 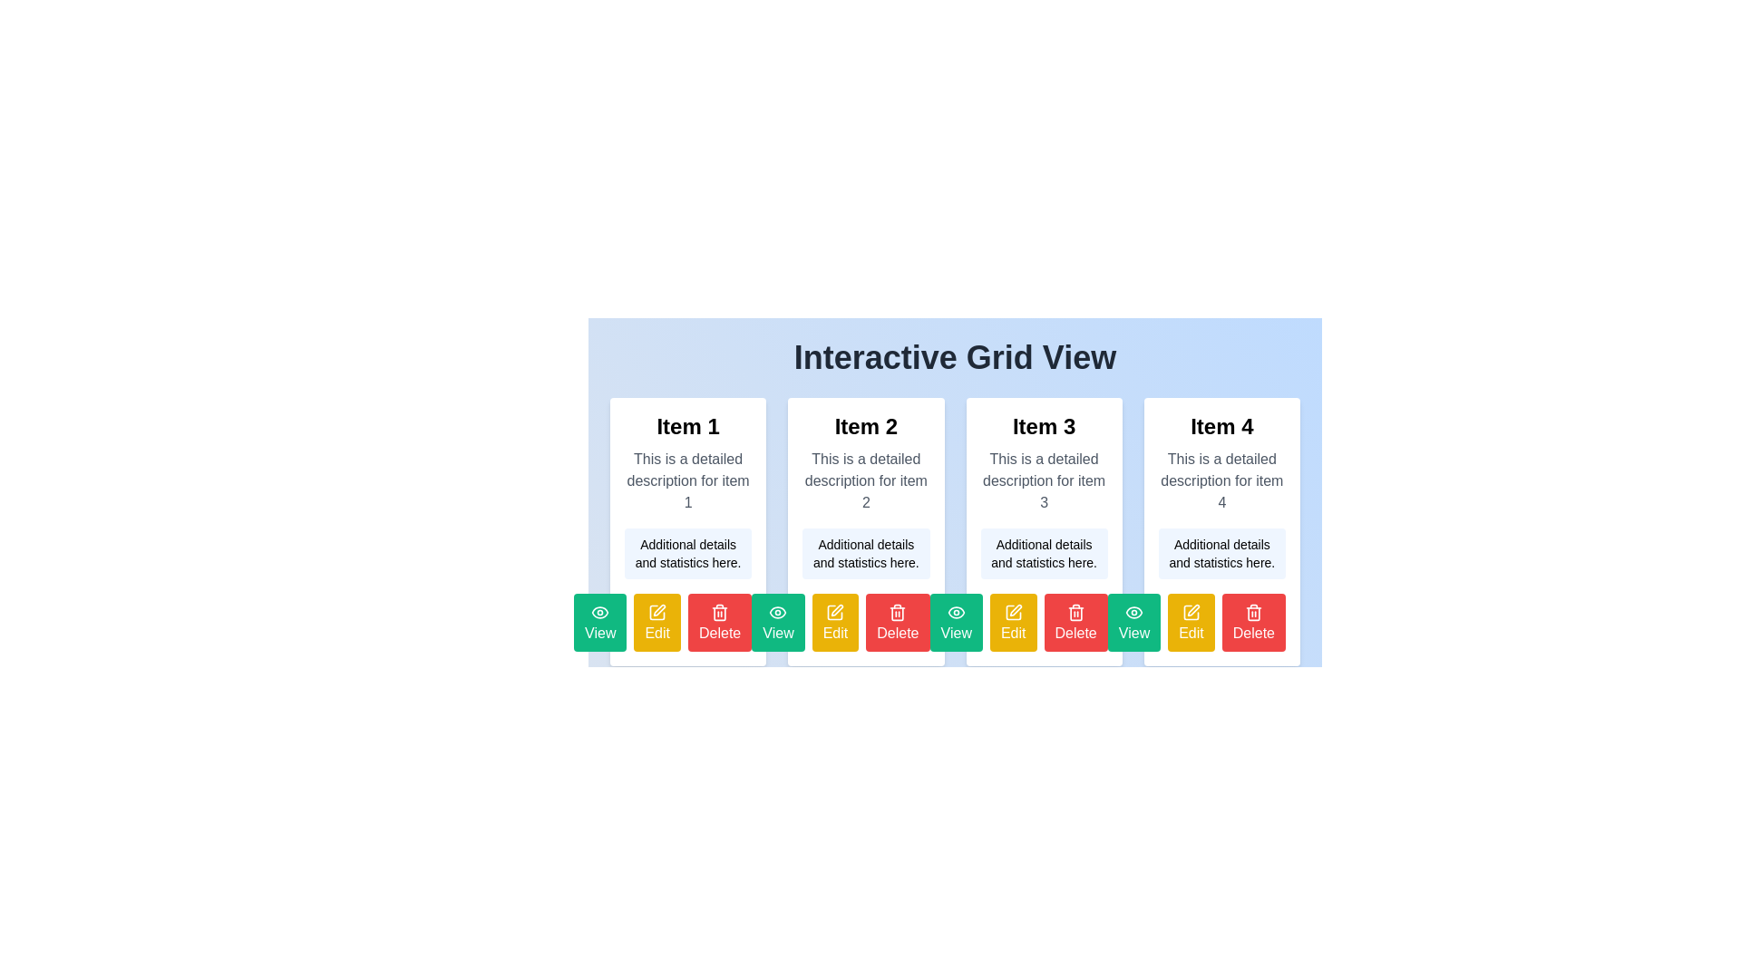 What do you see at coordinates (687, 426) in the screenshot?
I see `the textual header 'Item 1', which is styled with a large, bold font and located at the top of the first card in the grid layout` at bounding box center [687, 426].